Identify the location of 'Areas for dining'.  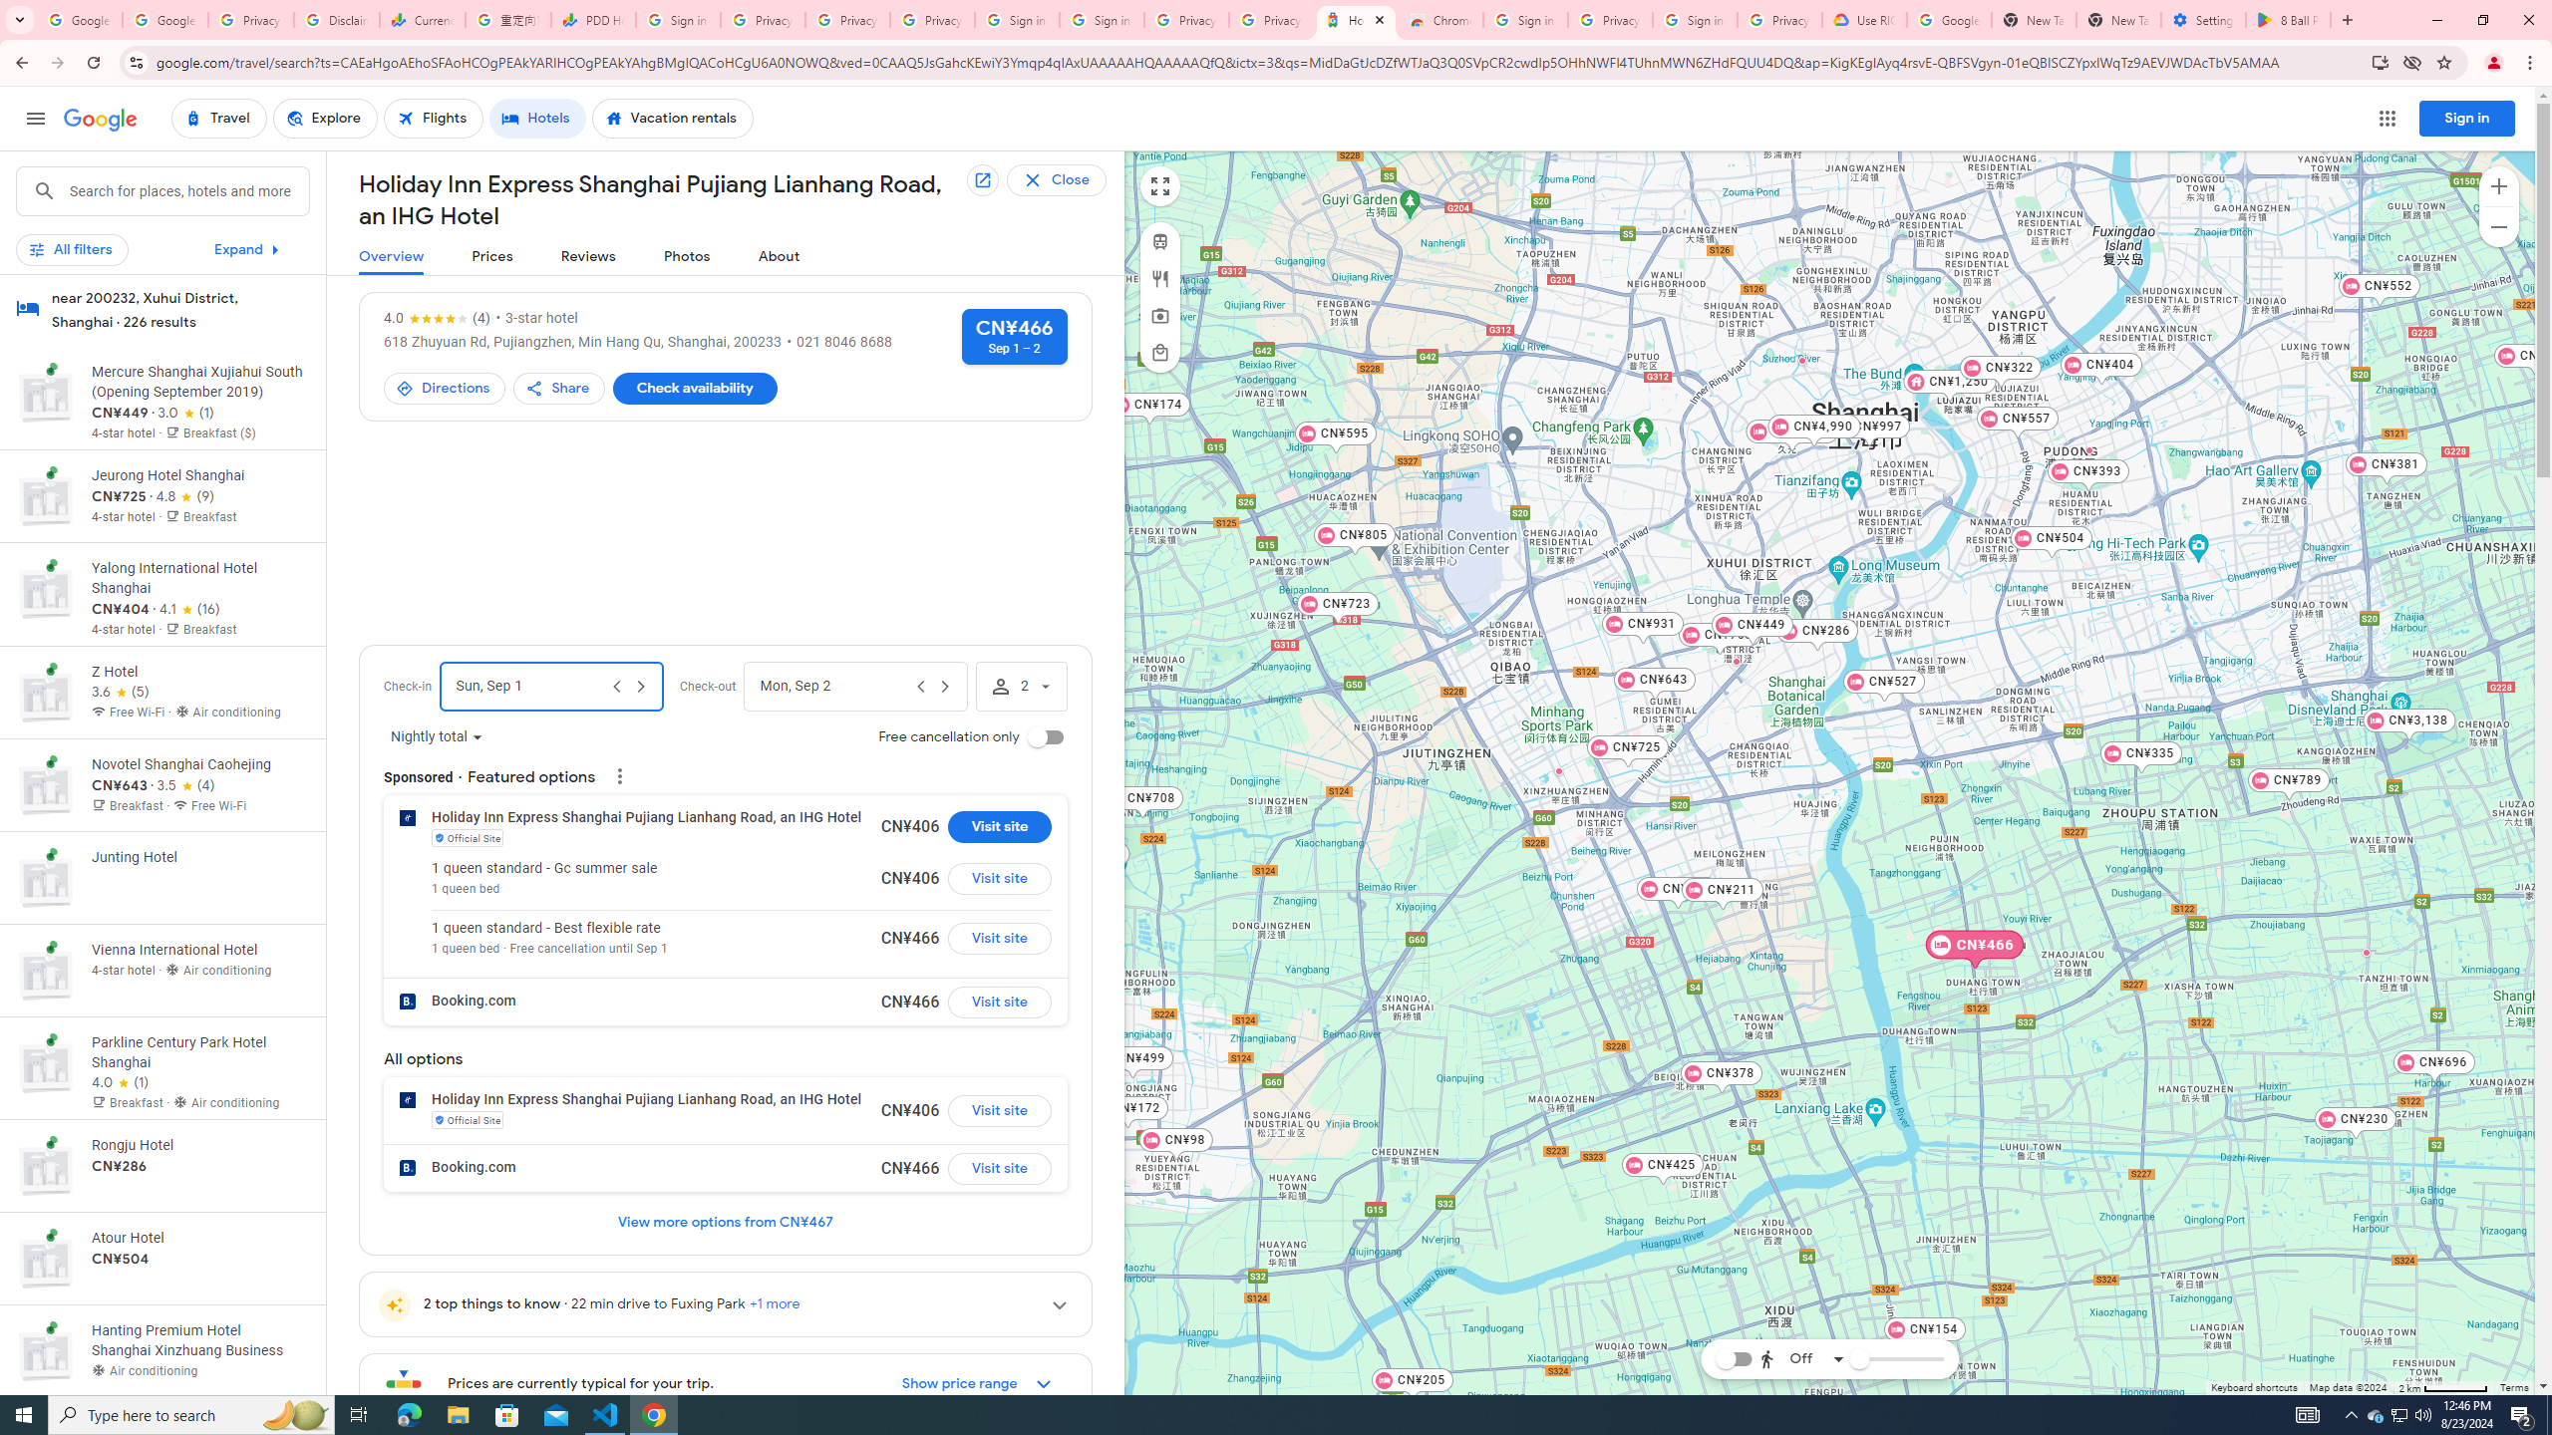
(1158, 278).